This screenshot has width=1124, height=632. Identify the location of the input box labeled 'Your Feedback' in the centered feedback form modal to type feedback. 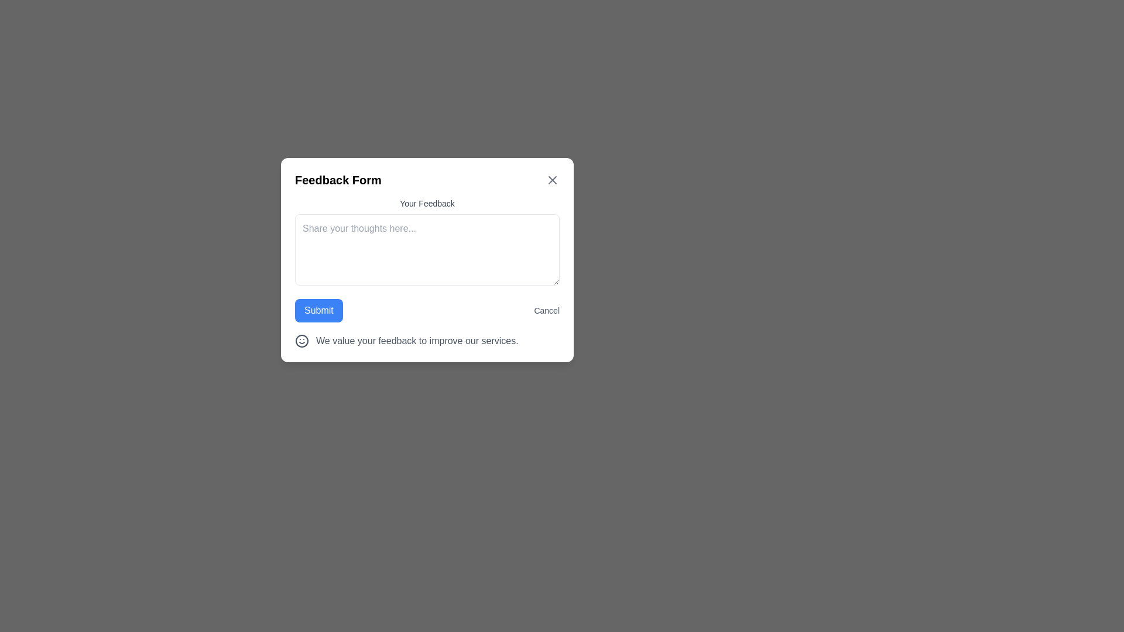
(426, 259).